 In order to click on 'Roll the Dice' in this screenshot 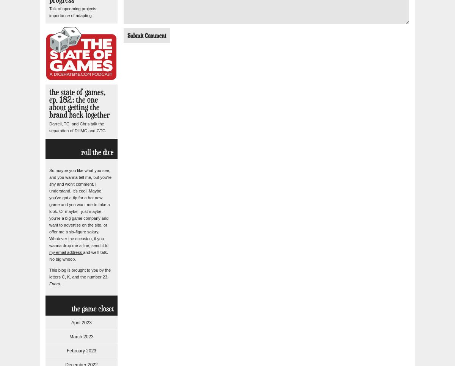, I will do `click(97, 152)`.